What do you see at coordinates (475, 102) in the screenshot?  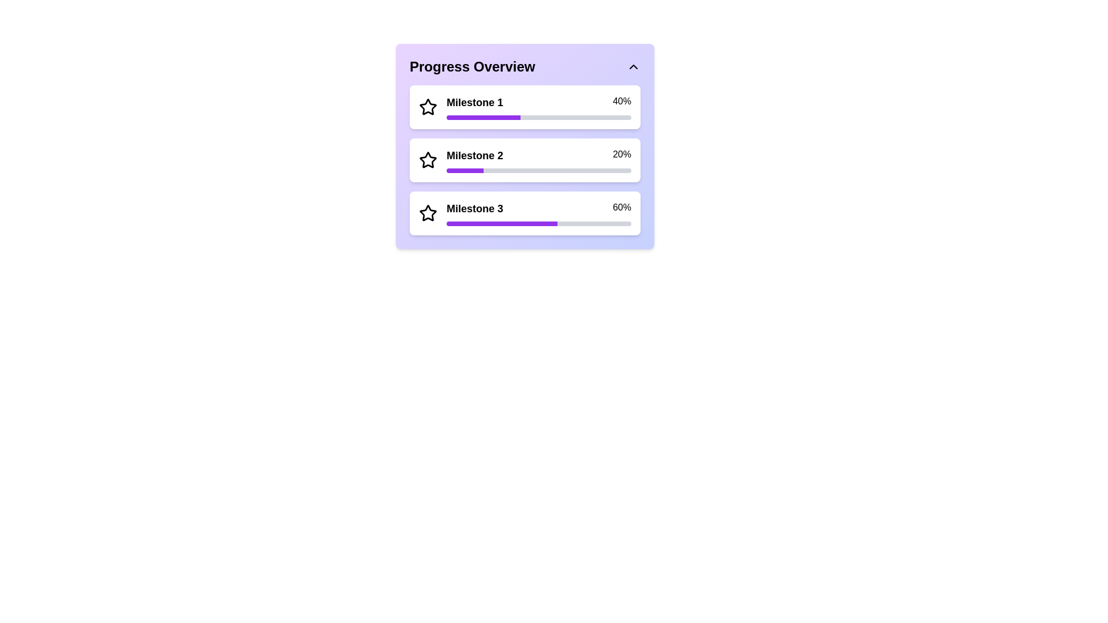 I see `the 'Milestone 1' text label, which is bold and larger in font size, indicating emphasis and located to the right of a star-shaped icon above a progress bar in the 'Progress Overview' card` at bounding box center [475, 102].